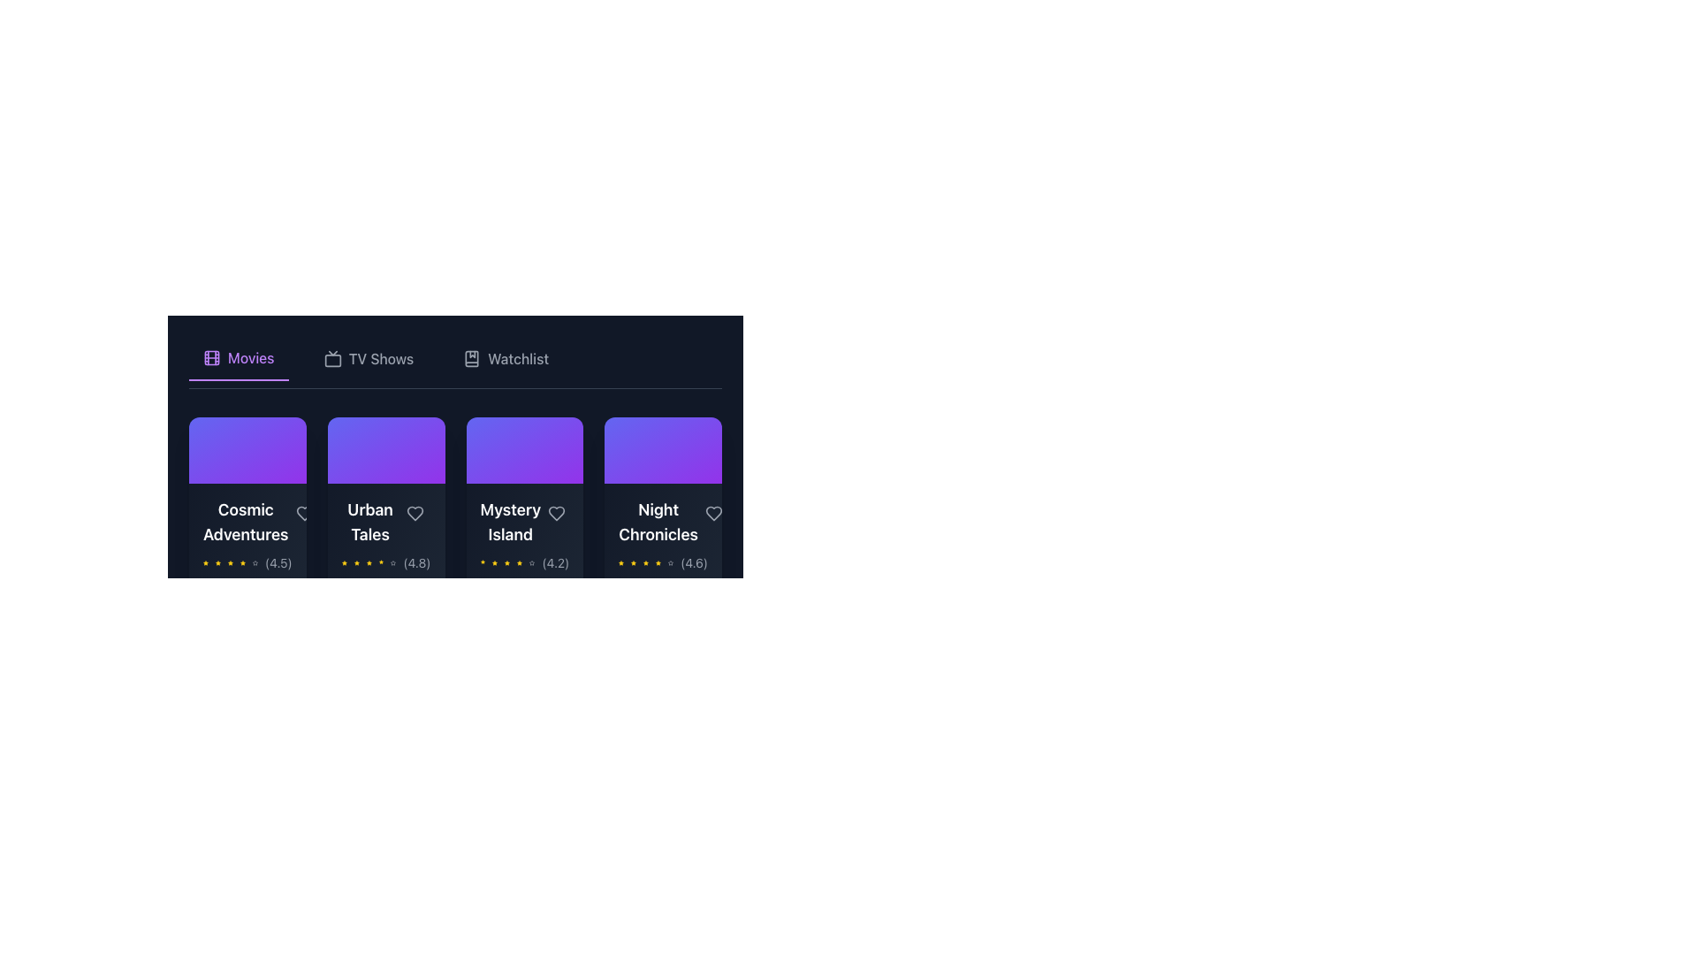 This screenshot has width=1697, height=955. I want to click on the fourth star-shaped icon with a yellow fill and outline, representing the rating system for 'Mystery Island', so click(506, 562).